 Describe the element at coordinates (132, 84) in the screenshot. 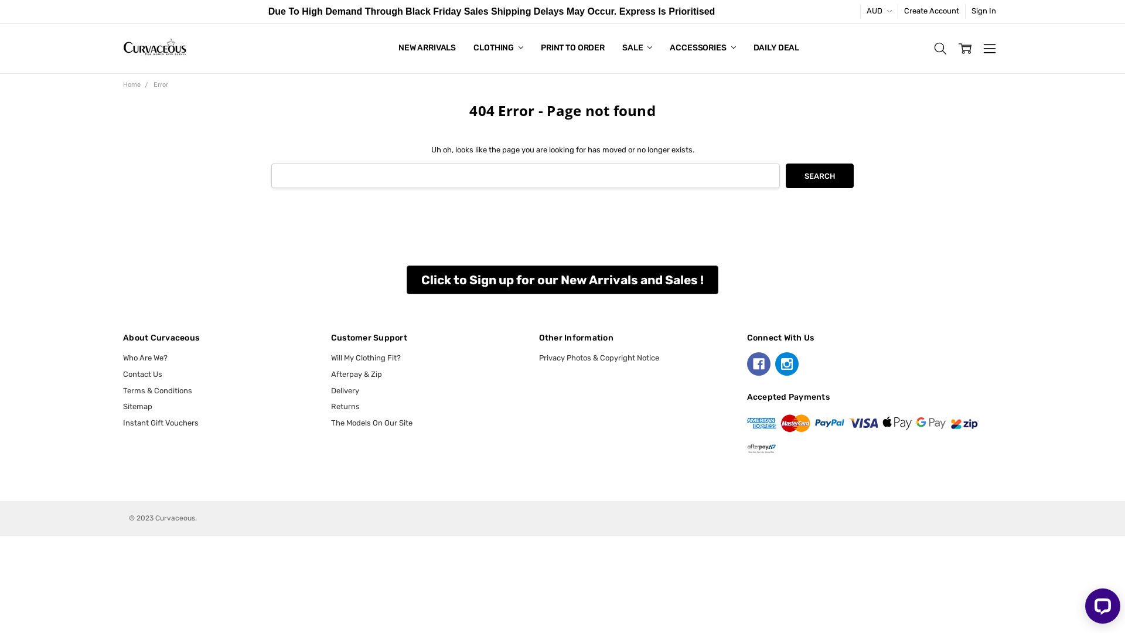

I see `'Home'` at that location.